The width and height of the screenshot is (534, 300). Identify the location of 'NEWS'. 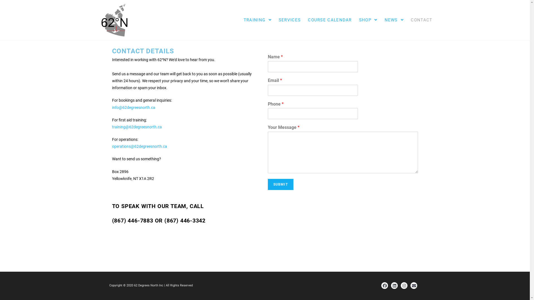
(394, 20).